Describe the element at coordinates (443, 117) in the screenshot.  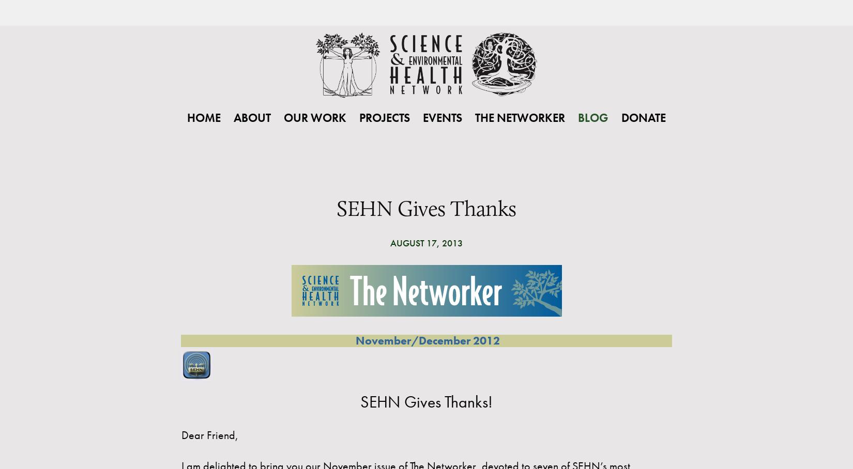
I see `'Events'` at that location.